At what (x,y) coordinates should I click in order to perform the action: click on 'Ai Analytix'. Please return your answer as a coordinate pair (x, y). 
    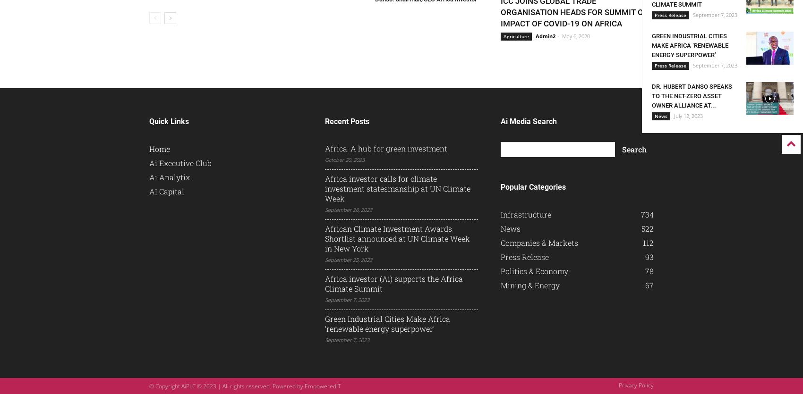
    Looking at the image, I should click on (169, 177).